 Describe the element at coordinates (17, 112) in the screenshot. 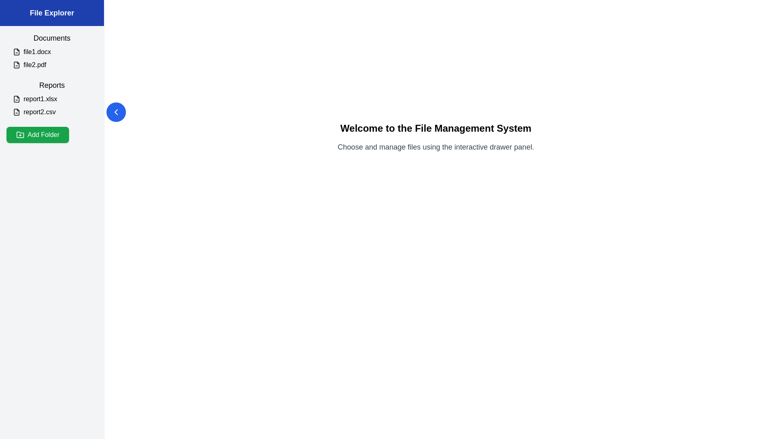

I see `the document file icon located next to 'report2.csv' in the 'Reports' section of the left sidebar file explorer` at that location.